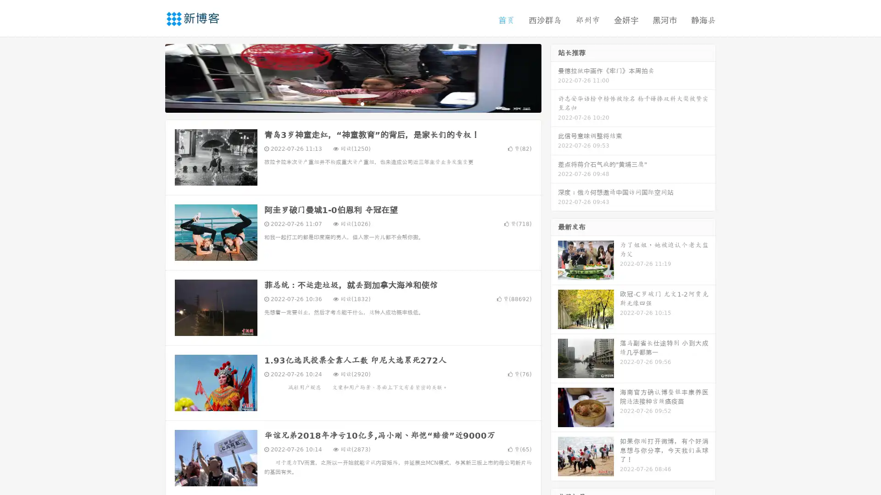 This screenshot has width=881, height=495. Describe the element at coordinates (343, 103) in the screenshot. I see `Go to slide 1` at that location.